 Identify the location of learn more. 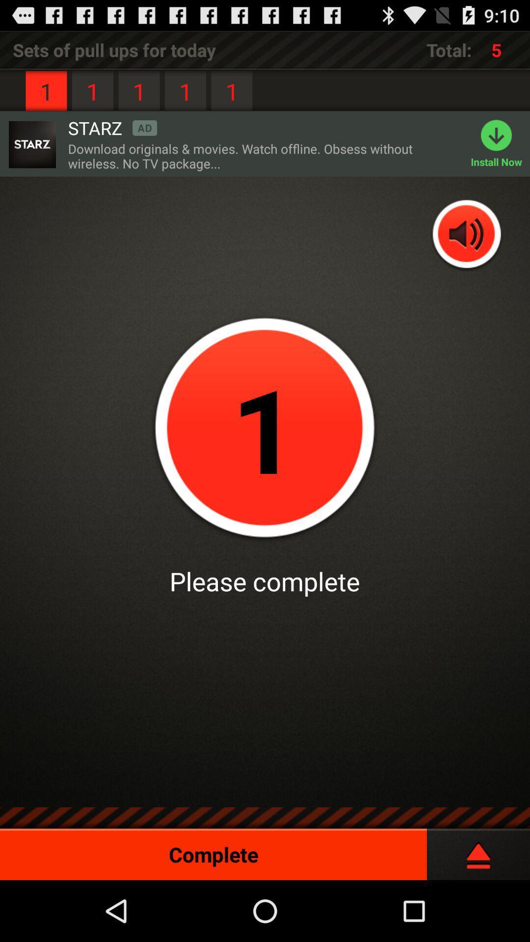
(31, 144).